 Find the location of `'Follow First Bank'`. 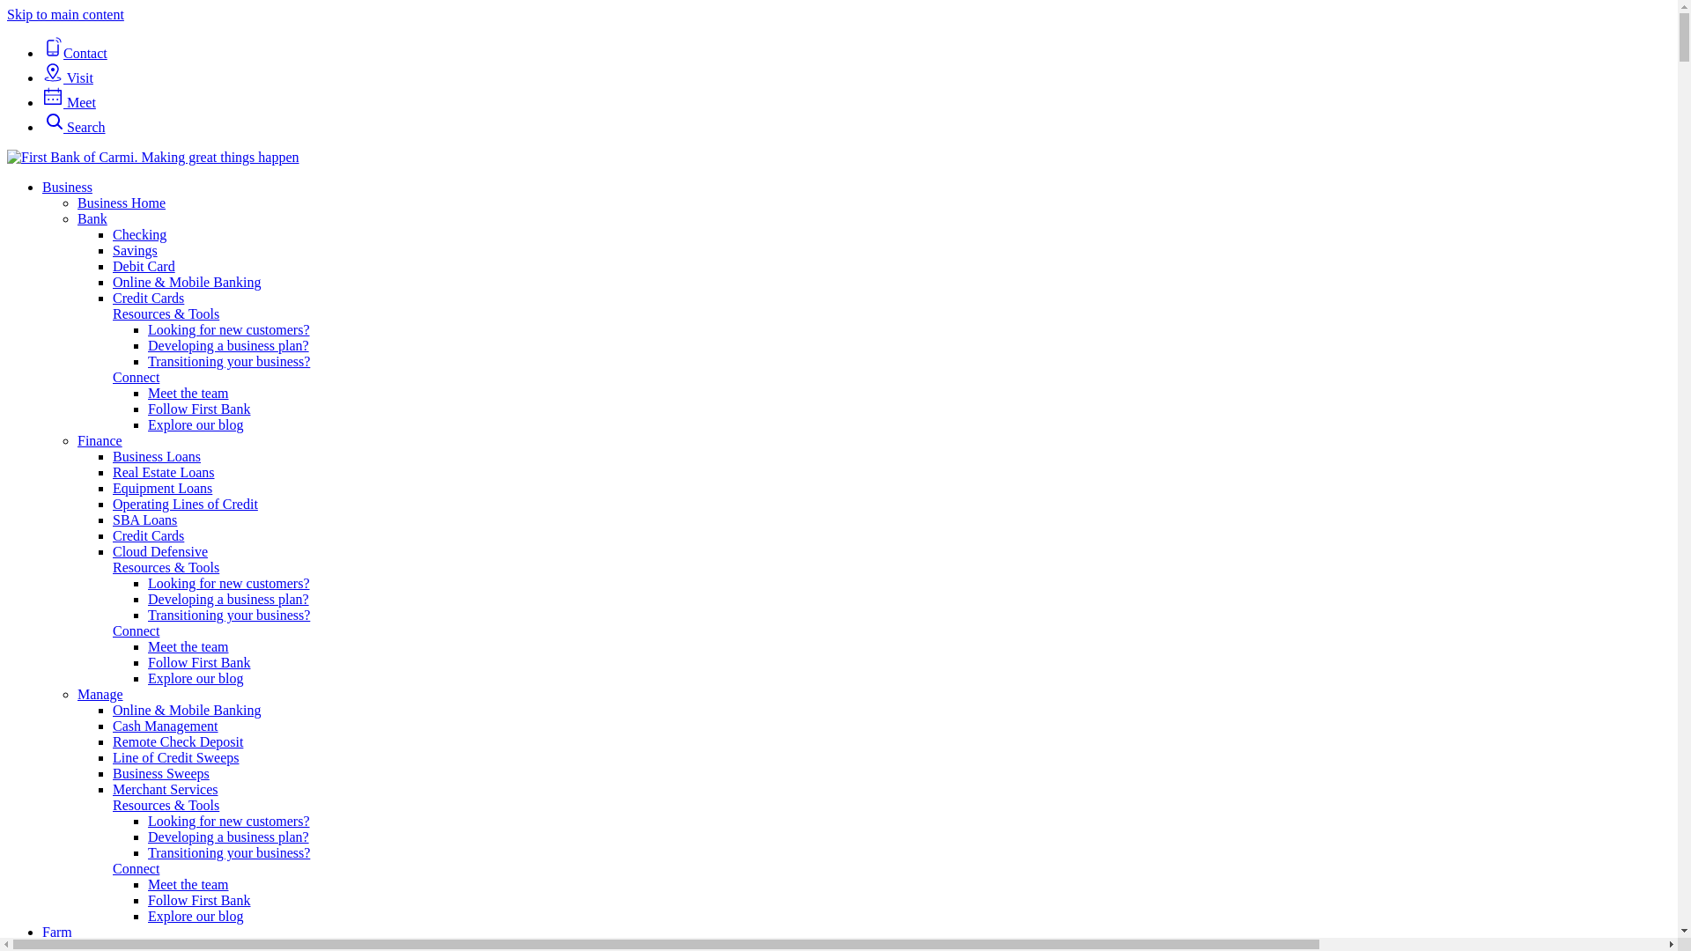

'Follow First Bank' is located at coordinates (148, 409).